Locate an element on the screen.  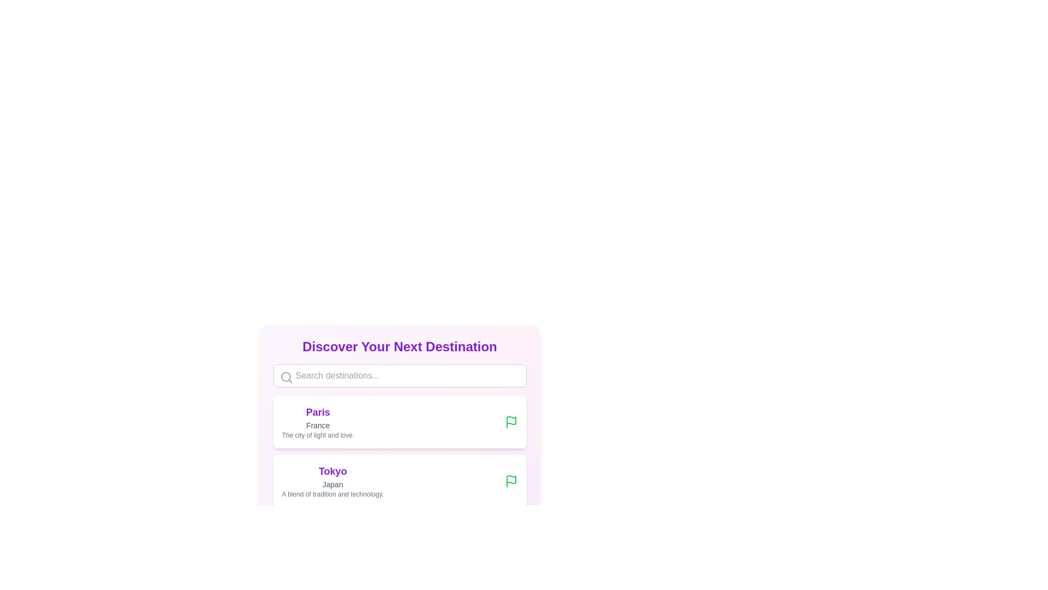
the List item containing 'Tokyo', which displays 'Tokyo' in bold purple, 'Japan' in gray, and 'A blend of tradition and technology.' in light gray, located in the lower part of the interface is located at coordinates (332, 480).